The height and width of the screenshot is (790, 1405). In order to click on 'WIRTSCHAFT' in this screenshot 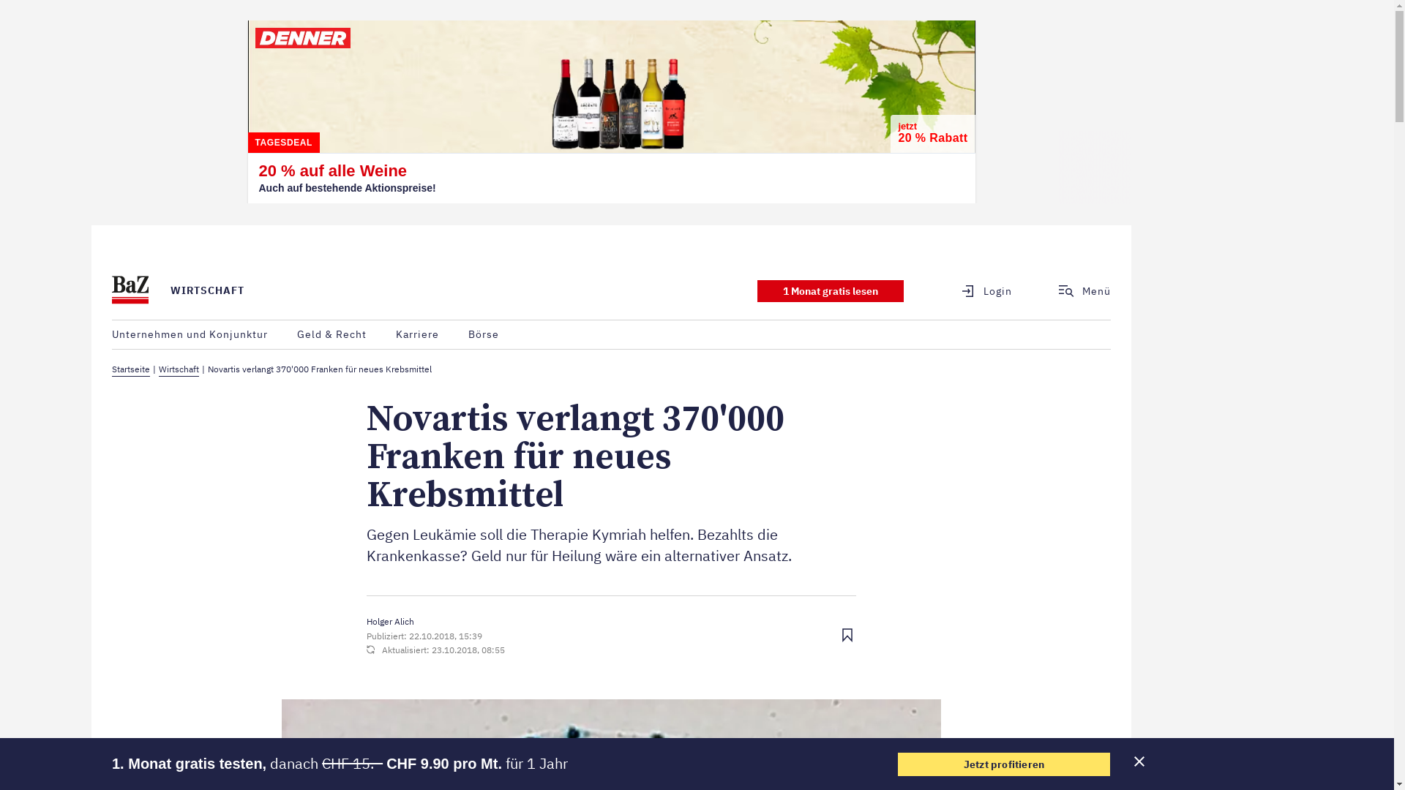, I will do `click(171, 290)`.